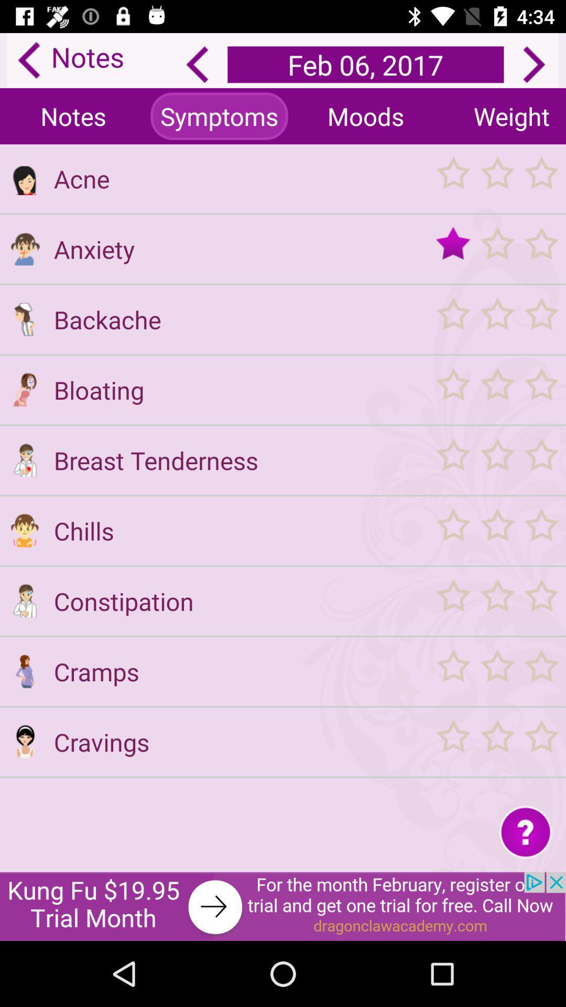 This screenshot has width=566, height=1007. What do you see at coordinates (283, 906) in the screenshot?
I see `advert` at bounding box center [283, 906].